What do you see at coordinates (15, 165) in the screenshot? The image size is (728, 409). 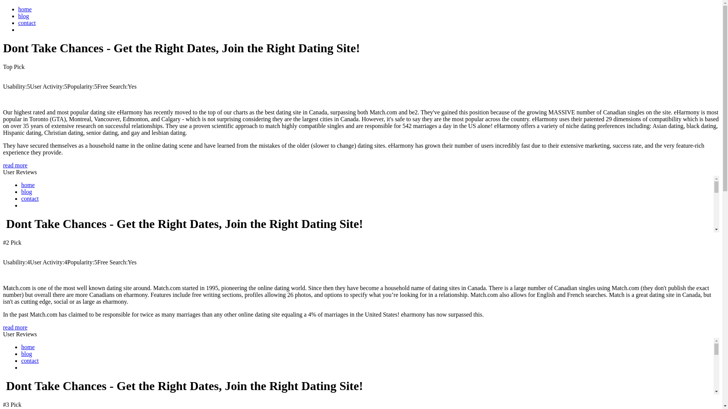 I see `'read more'` at bounding box center [15, 165].